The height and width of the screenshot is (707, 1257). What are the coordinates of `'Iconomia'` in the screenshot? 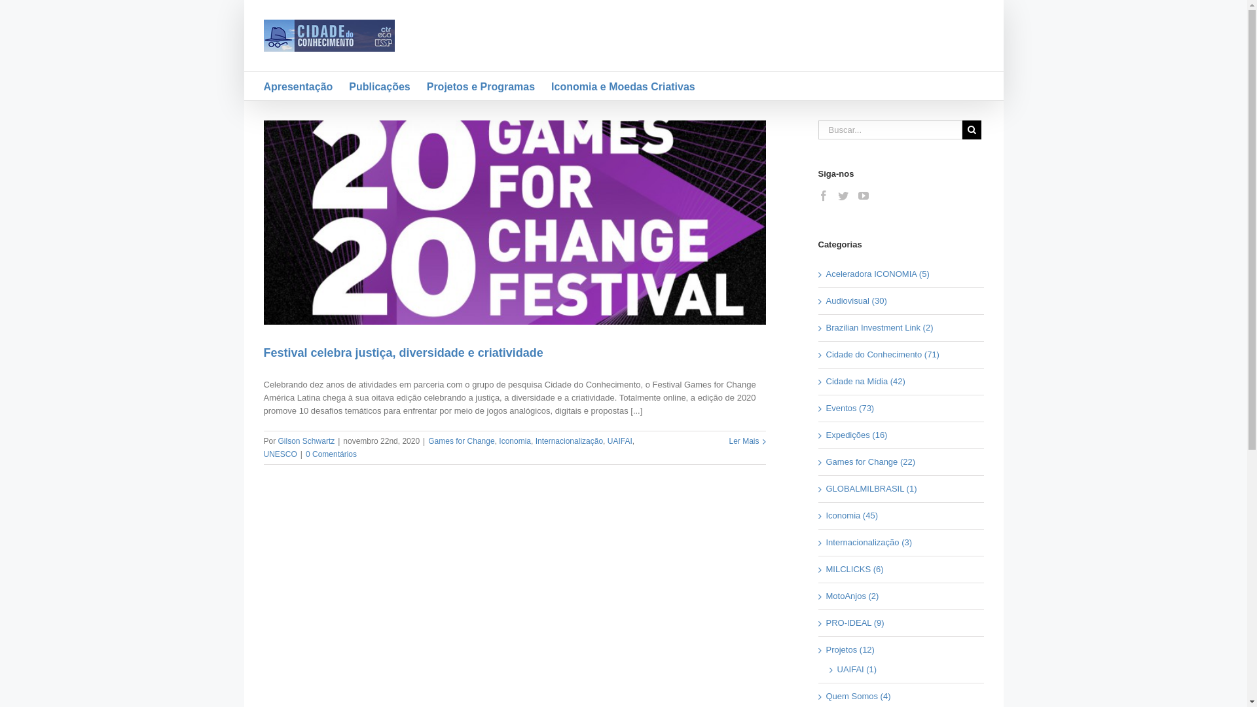 It's located at (514, 441).